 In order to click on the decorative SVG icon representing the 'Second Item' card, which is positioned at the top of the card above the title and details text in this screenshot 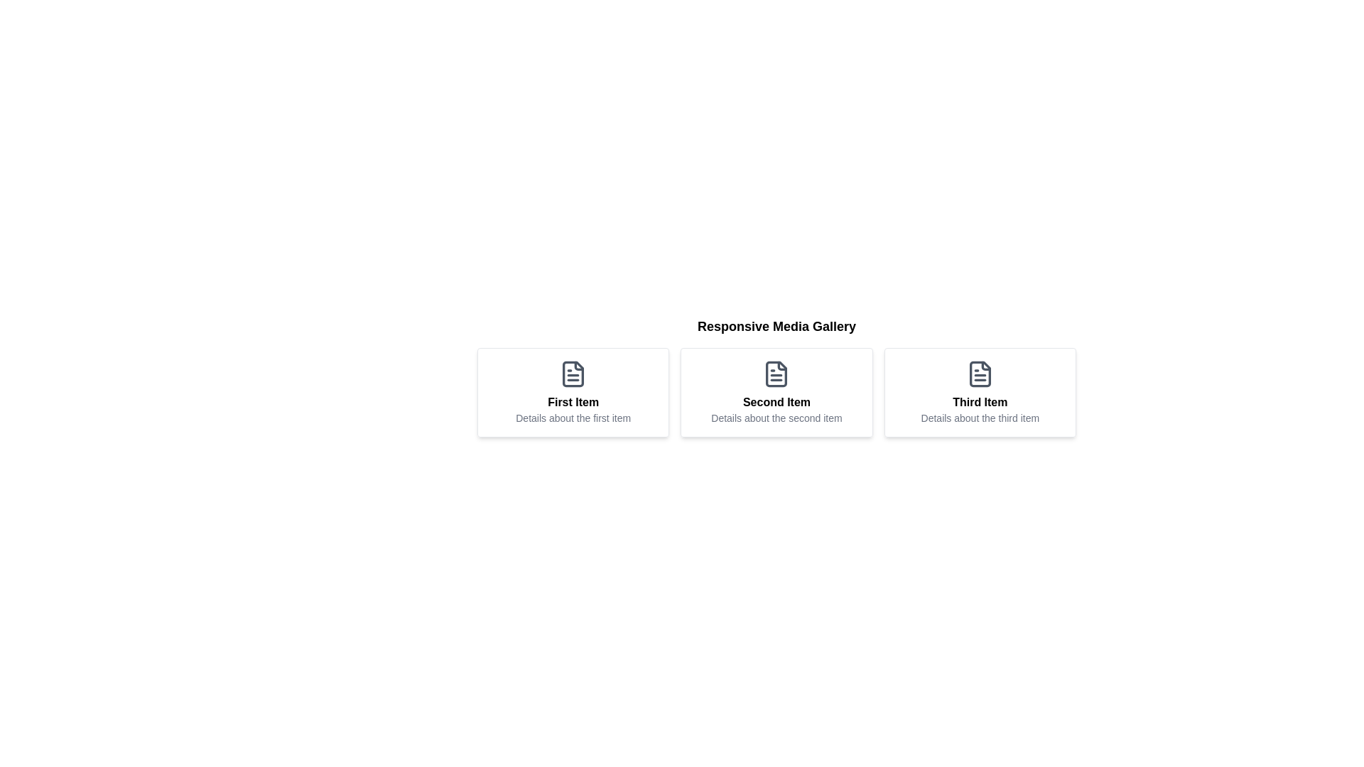, I will do `click(776, 374)`.